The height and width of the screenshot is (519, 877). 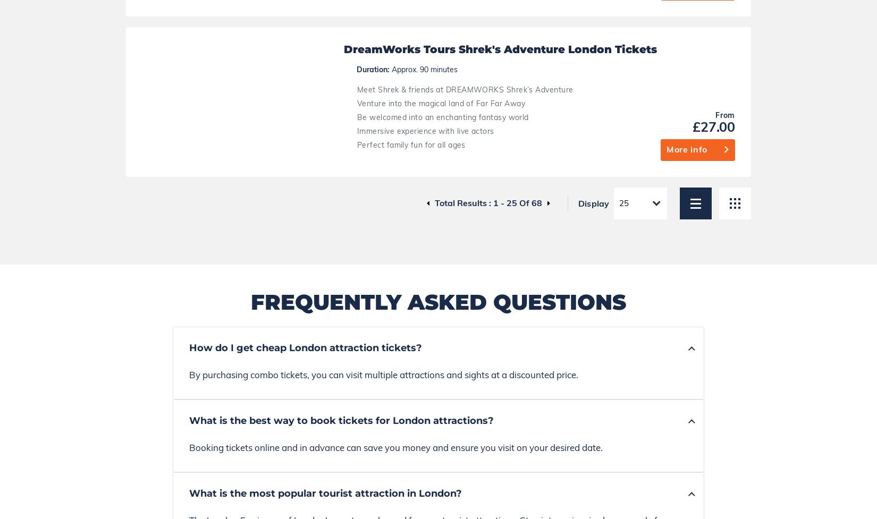 I want to click on 'Lost Property', so click(x=507, y=451).